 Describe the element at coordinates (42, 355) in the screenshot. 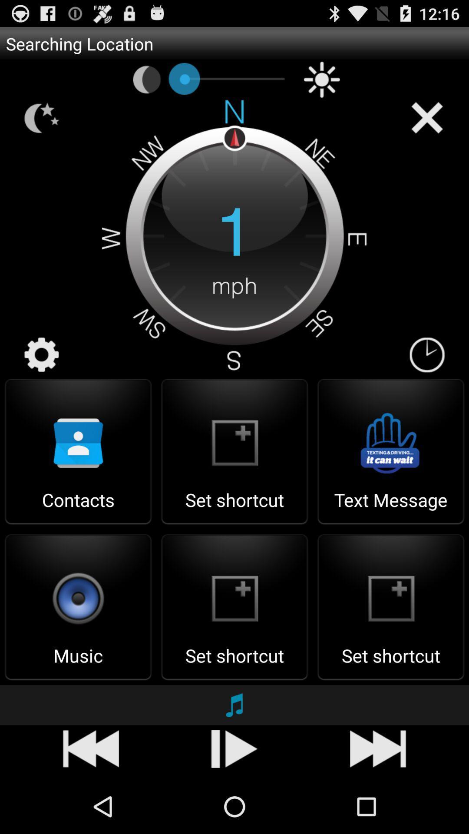

I see `app to the left of the 1 icon` at that location.